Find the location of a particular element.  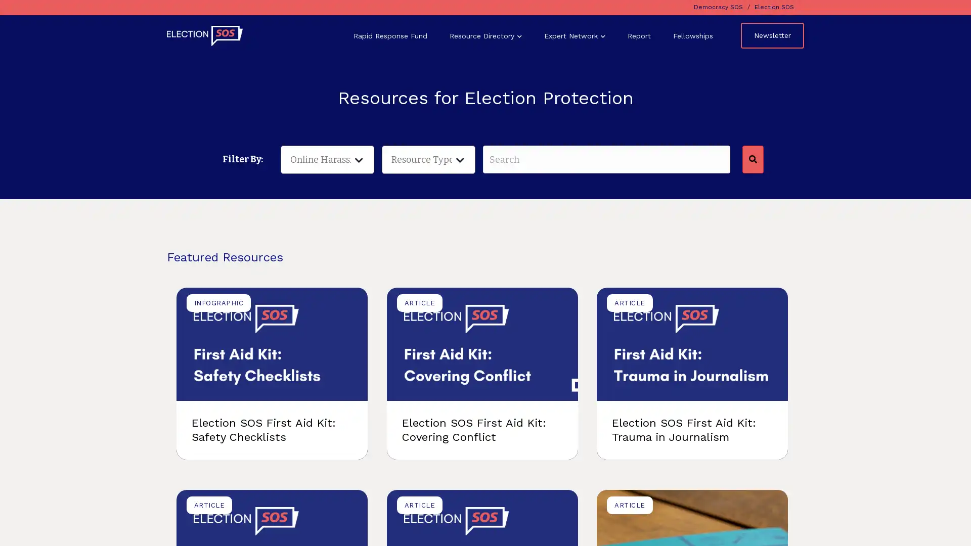

Submit search is located at coordinates (752, 159).